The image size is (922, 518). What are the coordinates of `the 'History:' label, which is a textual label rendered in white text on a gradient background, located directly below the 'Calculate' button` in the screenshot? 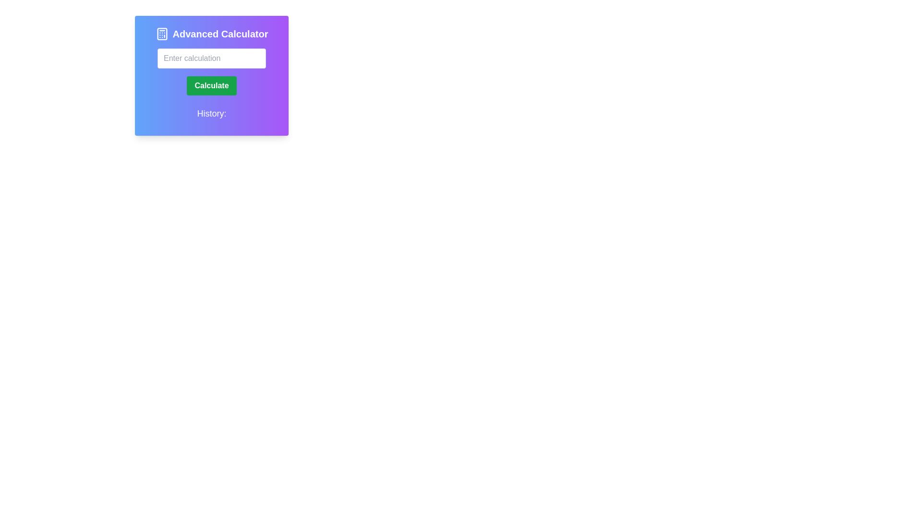 It's located at (211, 115).